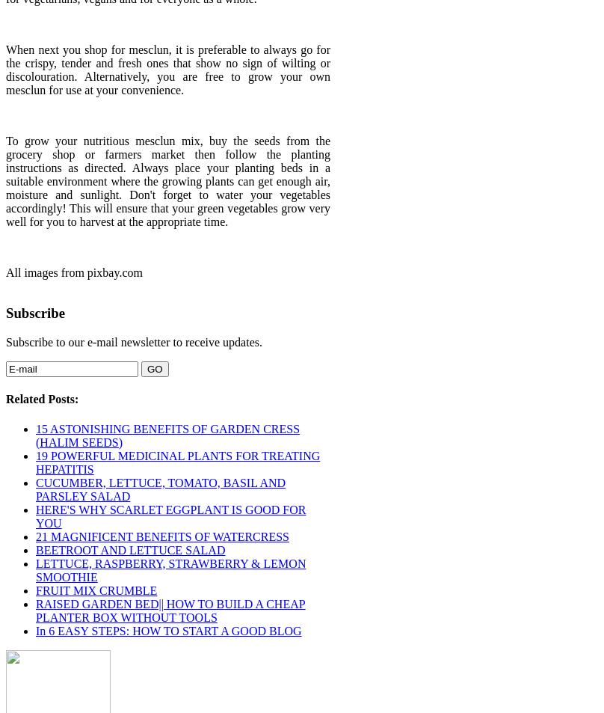 The height and width of the screenshot is (713, 604). What do you see at coordinates (168, 630) in the screenshot?
I see `'In 6 EASY STEPS: HOW TO START A GOOD BLOG'` at bounding box center [168, 630].